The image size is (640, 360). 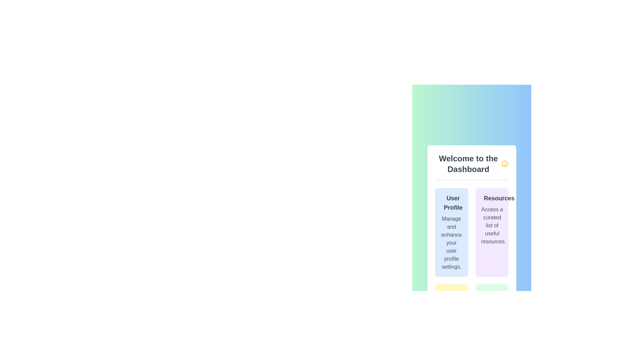 What do you see at coordinates (451, 243) in the screenshot?
I see `the descriptive text block that reads 'Manage and enhance your user profile settings.' located below the 'User Profile' heading in the left segment of the two-column layout` at bounding box center [451, 243].